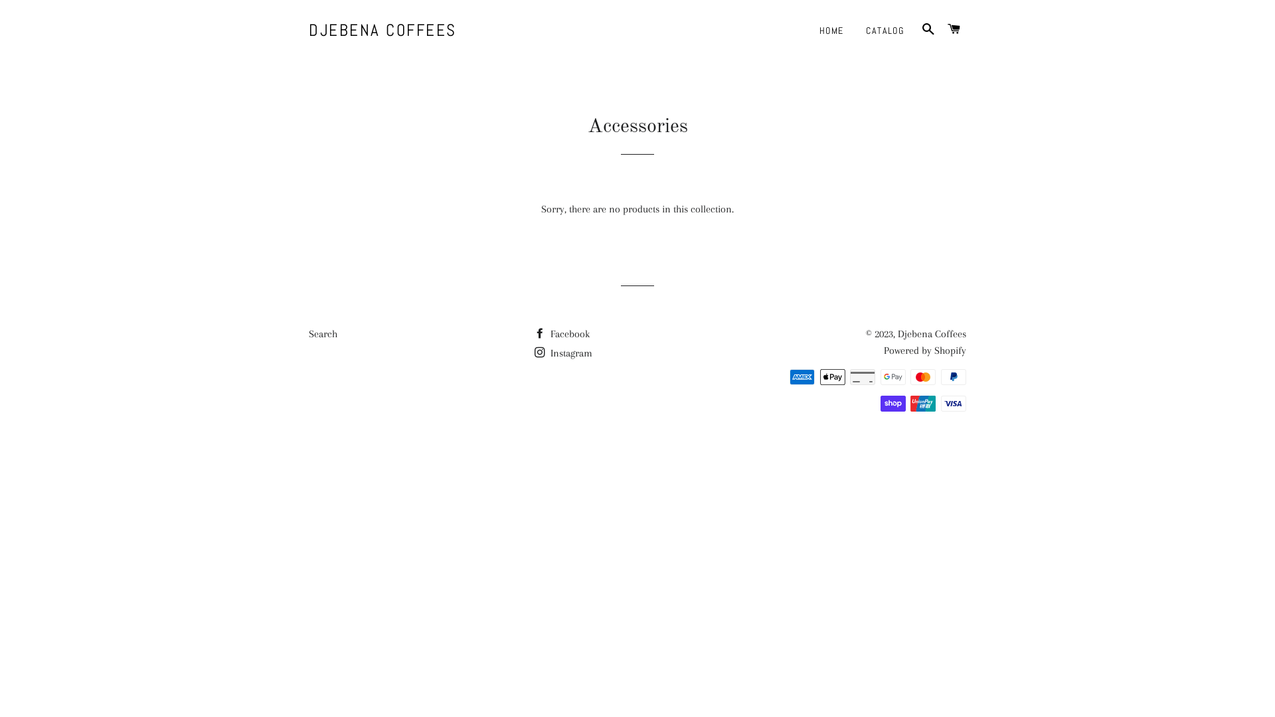  I want to click on 'Powered by Shopify', so click(924, 350).